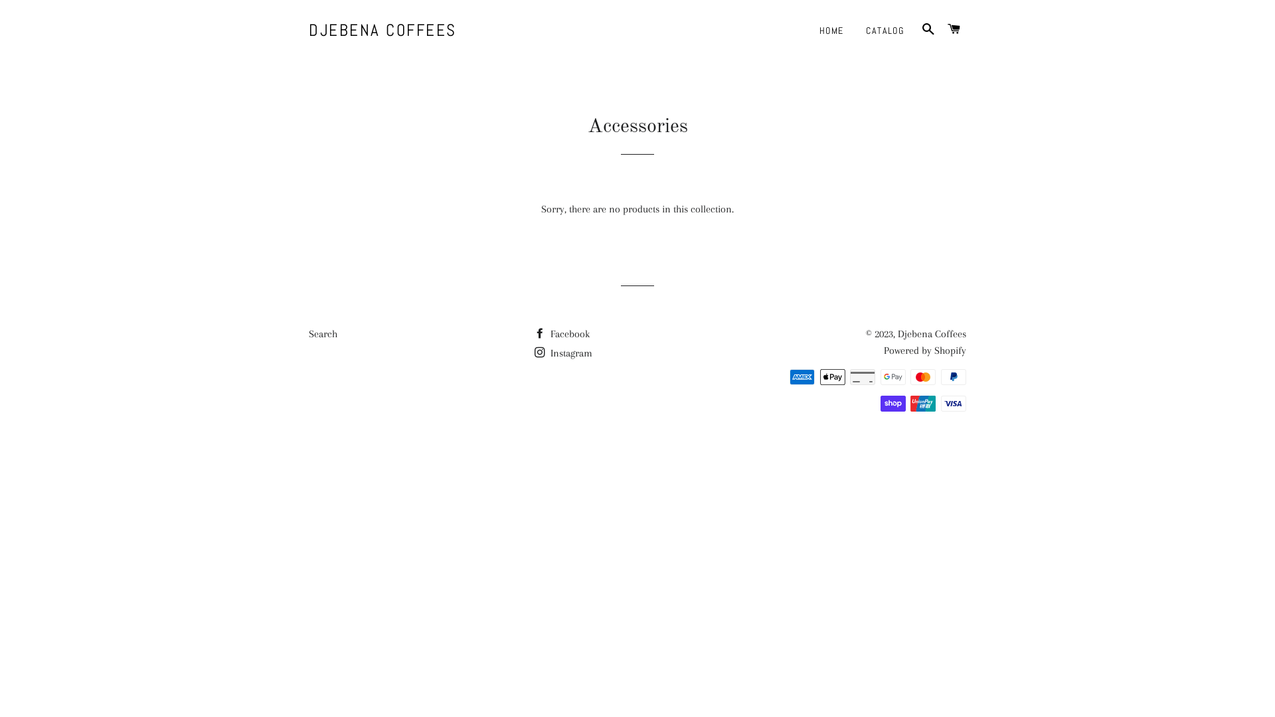  I want to click on 'Powered by Shopify', so click(924, 350).